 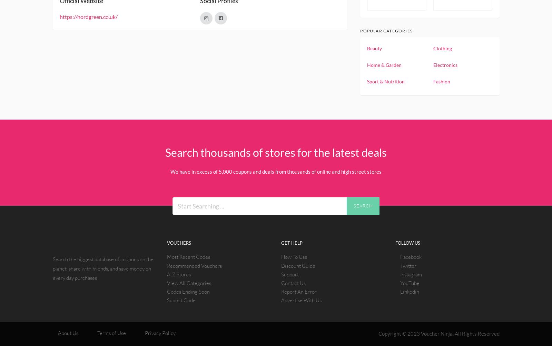 I want to click on 'Discount Guide', so click(x=298, y=265).